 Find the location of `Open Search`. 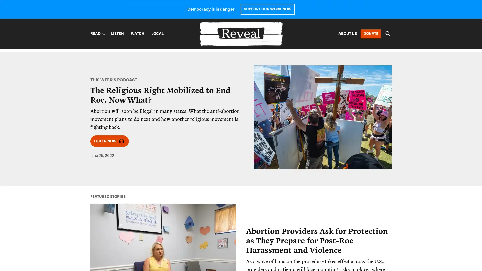

Open Search is located at coordinates (388, 34).